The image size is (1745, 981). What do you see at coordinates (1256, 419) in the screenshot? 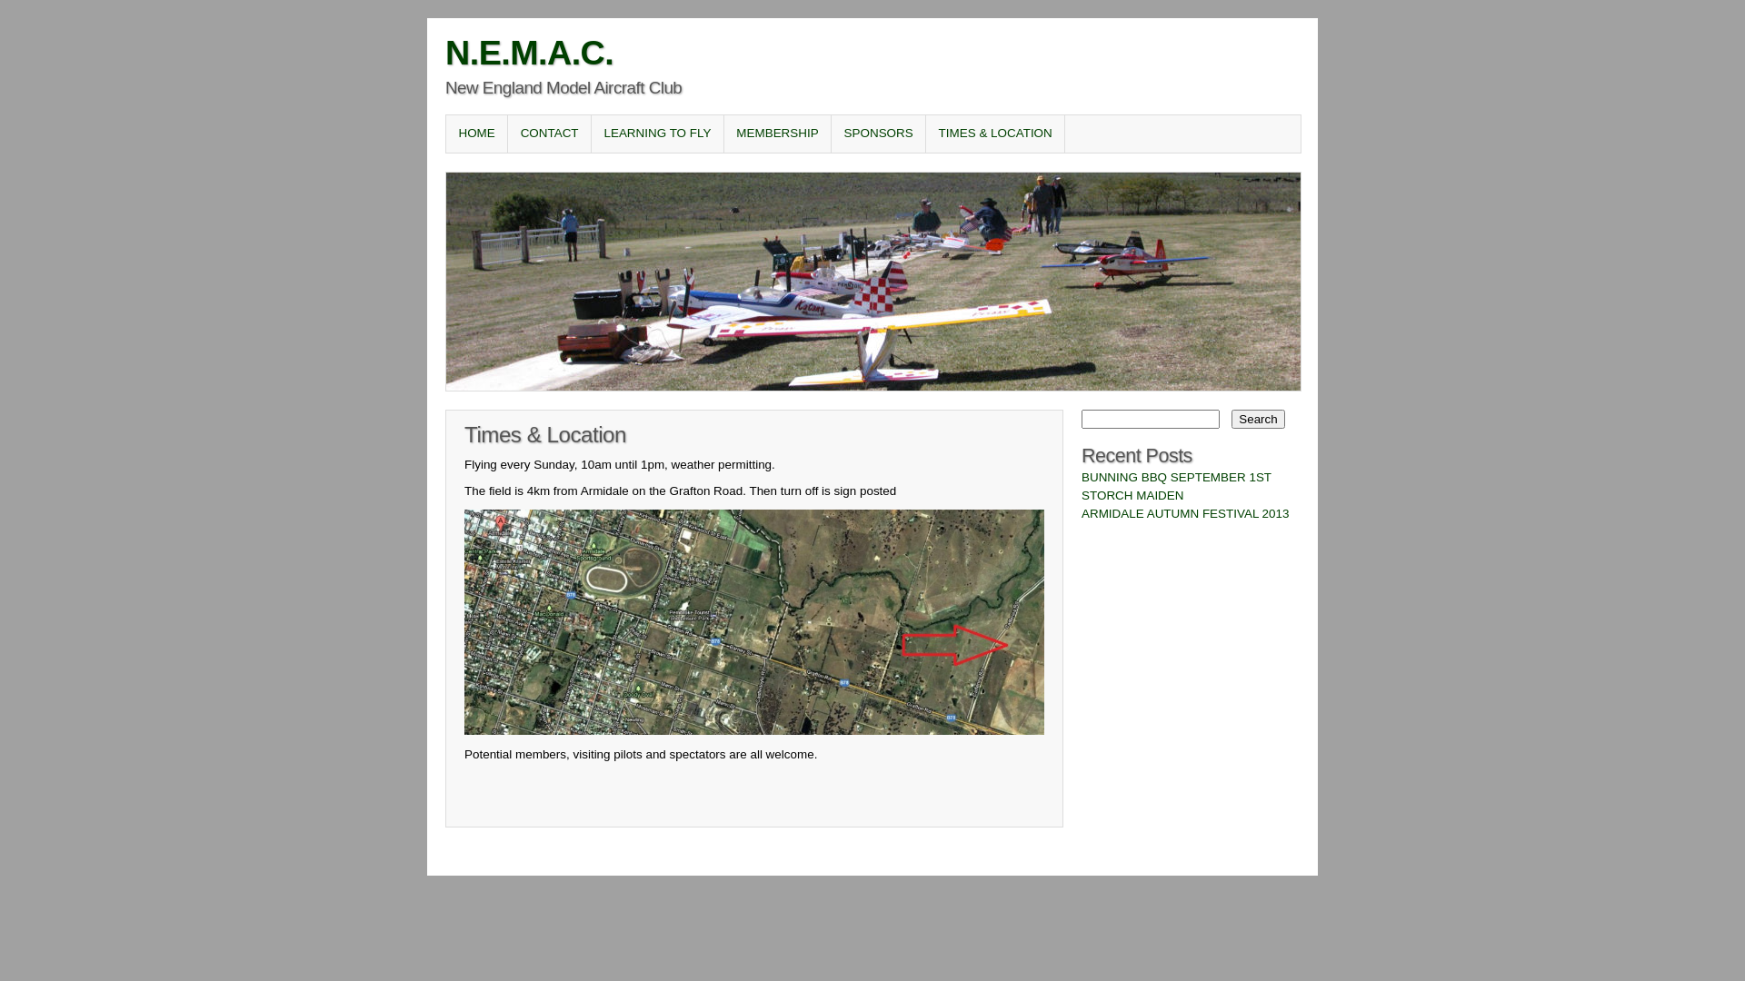
I see `'Search'` at bounding box center [1256, 419].